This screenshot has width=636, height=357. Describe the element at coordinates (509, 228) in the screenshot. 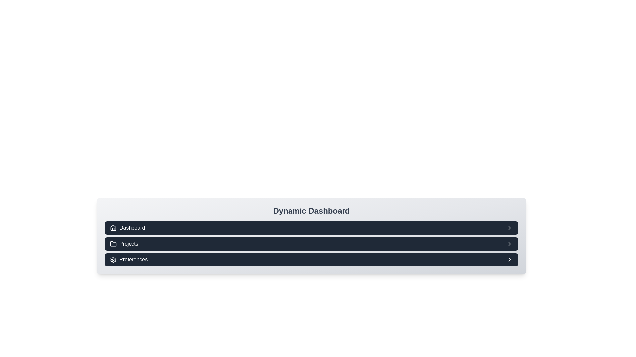

I see `the chevron icon on the far-right side of the 'Dashboard' row in the navigation menu` at that location.